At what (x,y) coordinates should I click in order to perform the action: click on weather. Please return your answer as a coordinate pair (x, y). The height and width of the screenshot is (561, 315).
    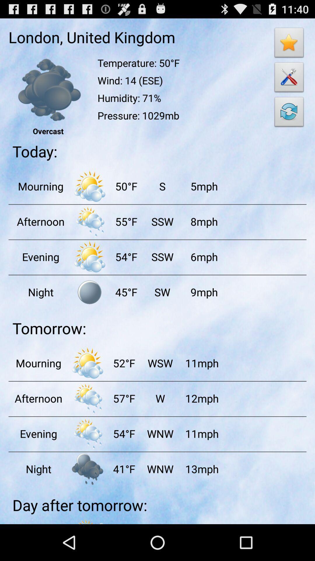
    Looking at the image, I should click on (90, 257).